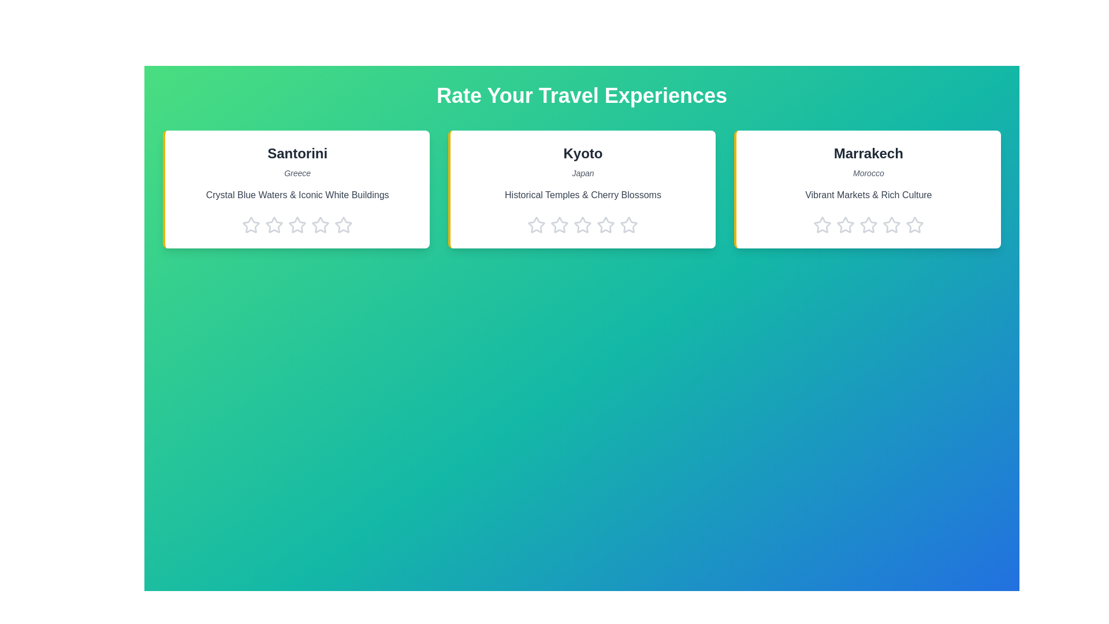 The height and width of the screenshot is (624, 1109). Describe the element at coordinates (296, 188) in the screenshot. I see `the destination card for Santorini to inspect its country information` at that location.